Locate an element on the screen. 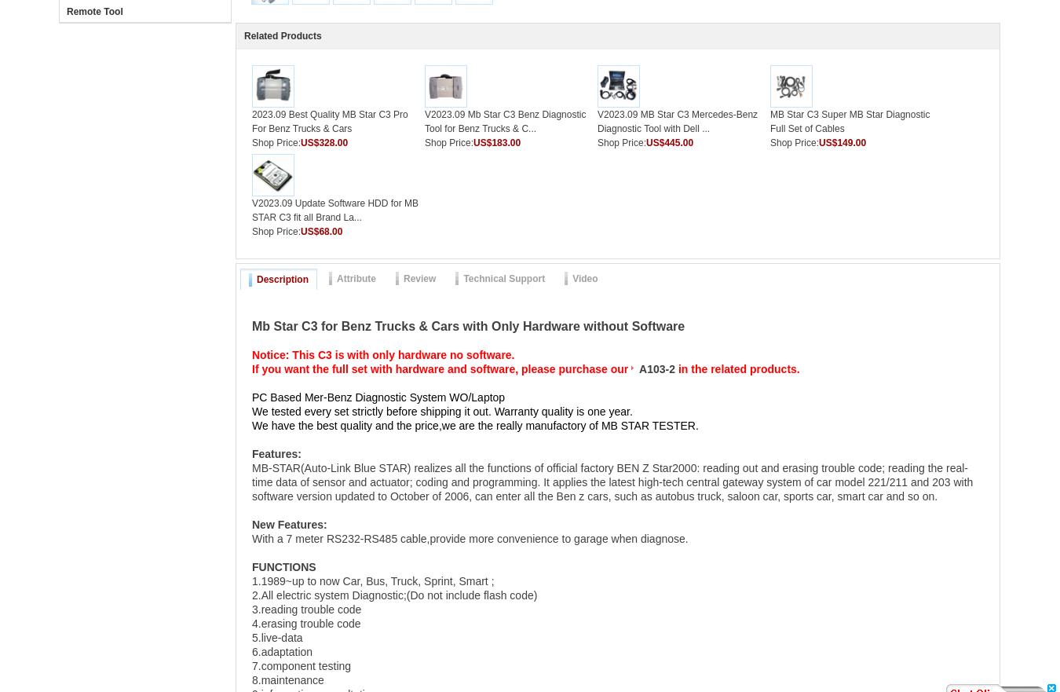  '2023.09 Best Quality MB Star C3 Pro For Benz Trucks & Cars' is located at coordinates (329, 120).